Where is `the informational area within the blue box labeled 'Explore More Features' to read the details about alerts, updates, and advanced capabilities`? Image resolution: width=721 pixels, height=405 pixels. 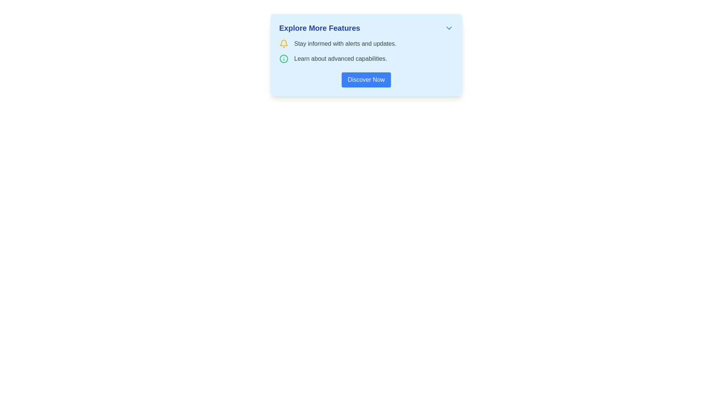 the informational area within the blue box labeled 'Explore More Features' to read the details about alerts, updates, and advanced capabilities is located at coordinates (366, 51).